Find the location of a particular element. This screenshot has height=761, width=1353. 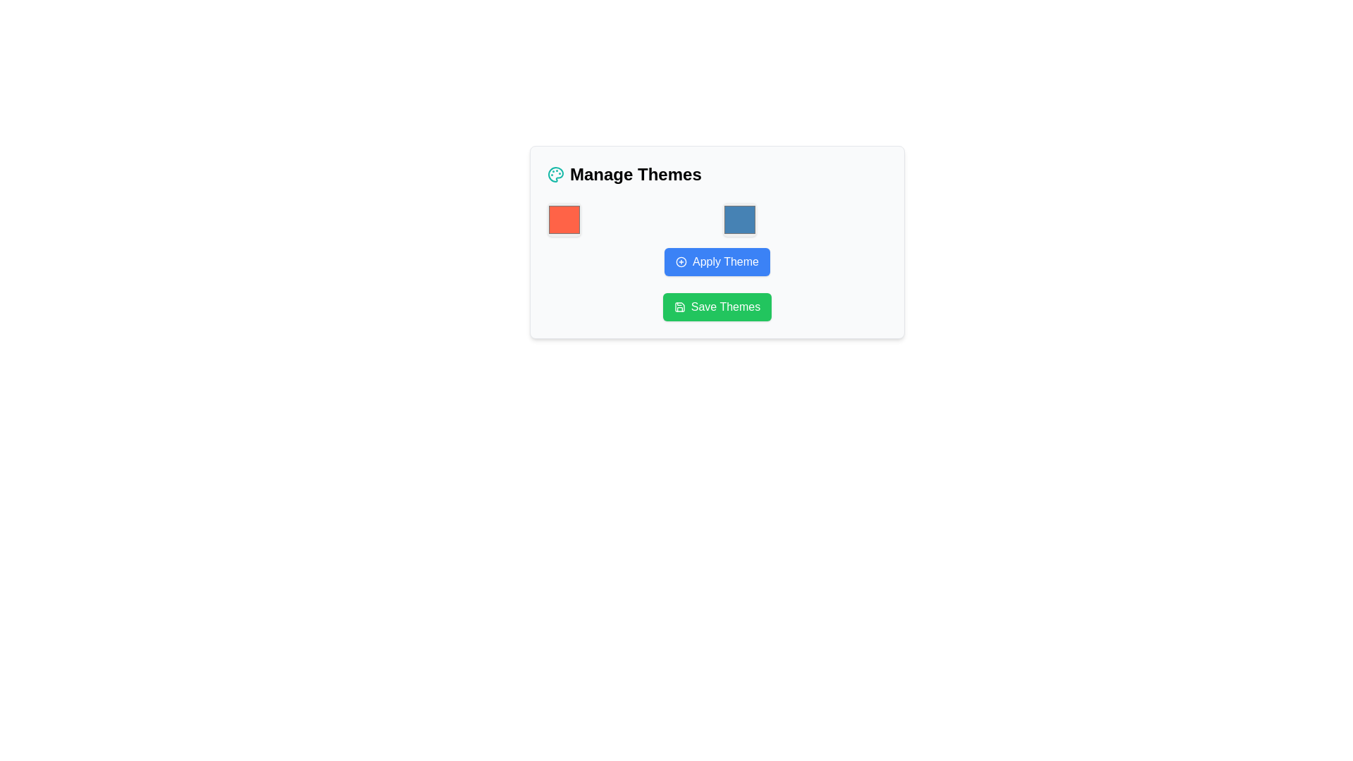

the 'Apply Theme' button with a blue background and white text is located at coordinates (717, 261).